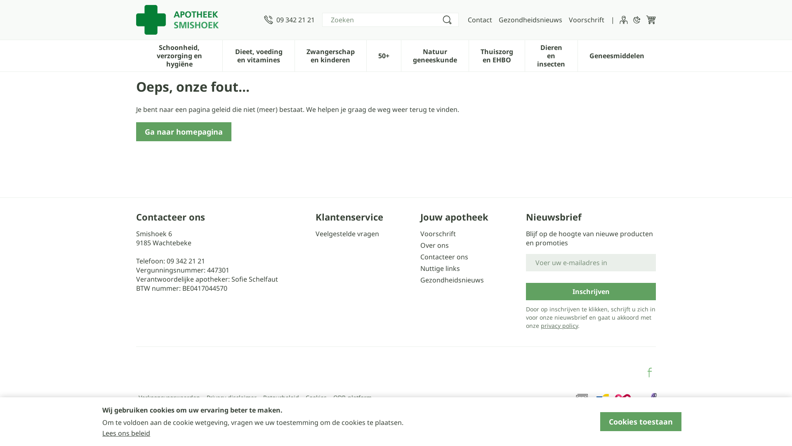  Describe the element at coordinates (177, 19) in the screenshot. I see `'Apotheek Smishoek'` at that location.